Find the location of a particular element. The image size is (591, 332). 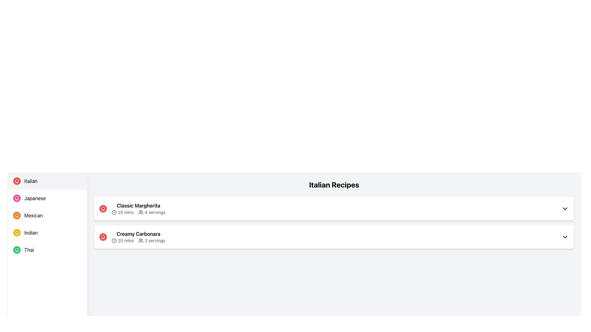

the clock icon representing '20 mins' duration next to the 'Creamy Carbonara' label in the second recipe item under 'Italian Recipes' is located at coordinates (114, 240).